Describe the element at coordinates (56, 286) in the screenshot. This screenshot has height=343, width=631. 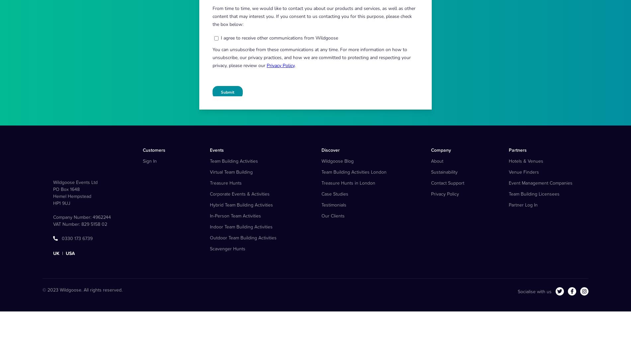
I see `'UK'` at that location.